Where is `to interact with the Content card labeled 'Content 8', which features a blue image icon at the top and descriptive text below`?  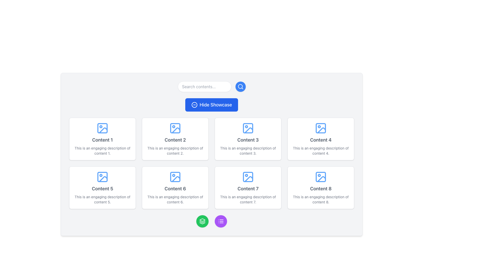
to interact with the Content card labeled 'Content 8', which features a blue image icon at the top and descriptive text below is located at coordinates (321, 188).